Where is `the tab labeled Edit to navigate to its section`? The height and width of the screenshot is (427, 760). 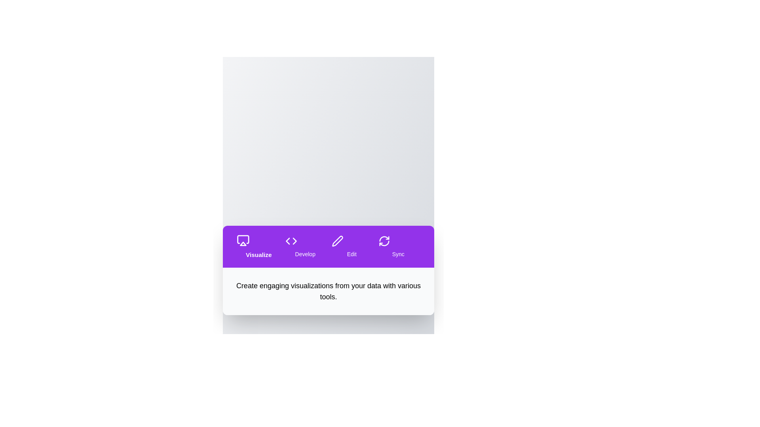 the tab labeled Edit to navigate to its section is located at coordinates (351, 246).